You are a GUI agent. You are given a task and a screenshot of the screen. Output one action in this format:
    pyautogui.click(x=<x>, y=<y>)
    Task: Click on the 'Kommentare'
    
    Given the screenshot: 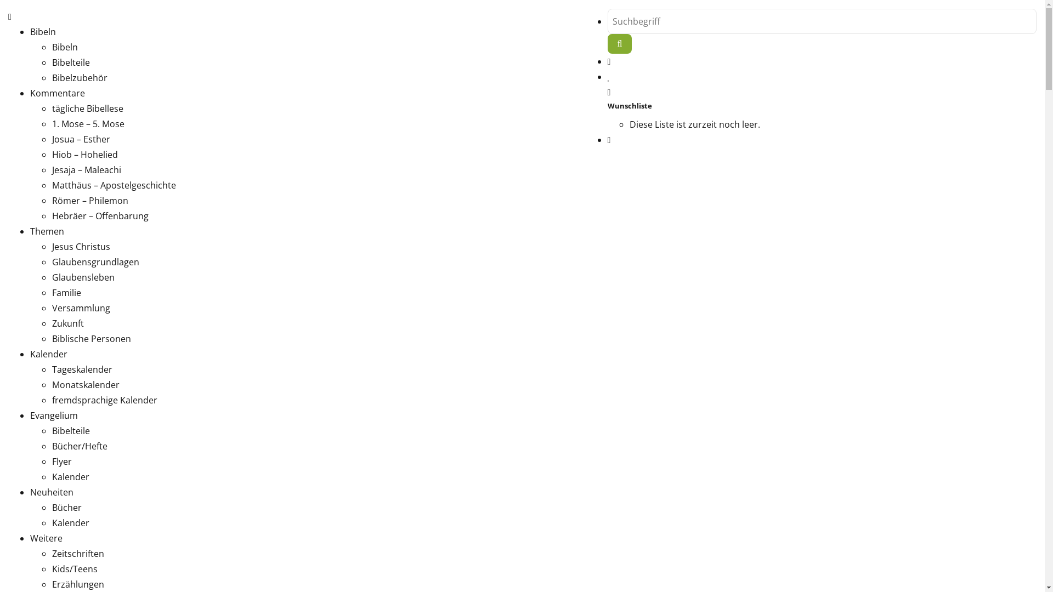 What is the action you would take?
    pyautogui.click(x=57, y=92)
    